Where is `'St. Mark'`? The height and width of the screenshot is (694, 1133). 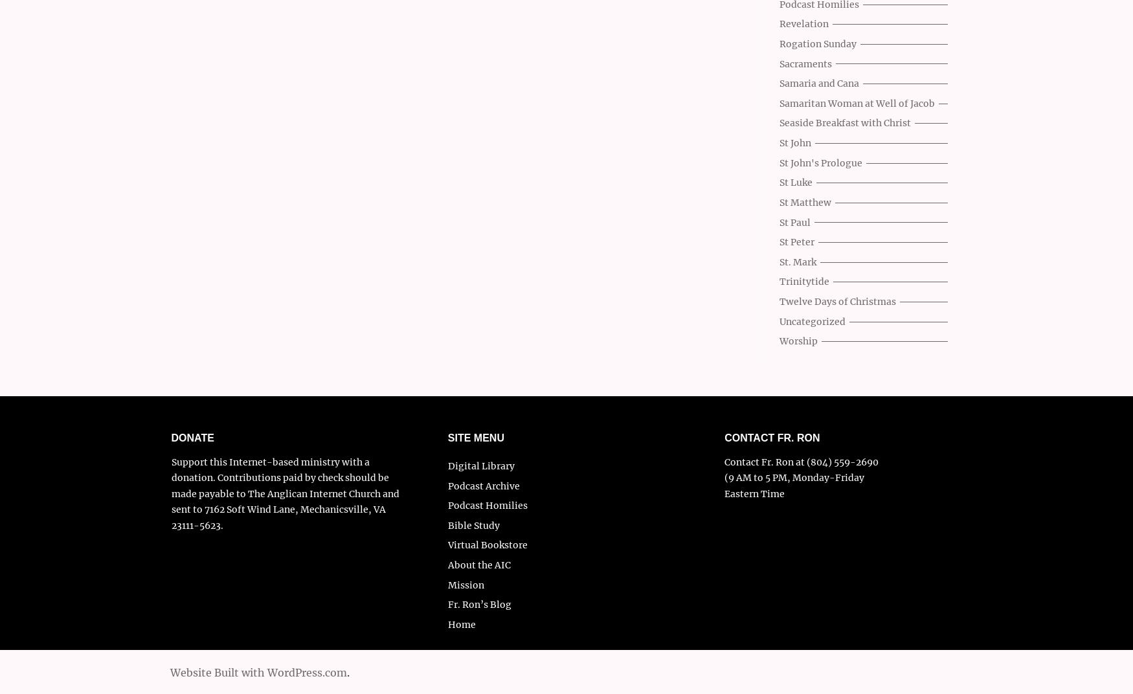 'St. Mark' is located at coordinates (798, 261).